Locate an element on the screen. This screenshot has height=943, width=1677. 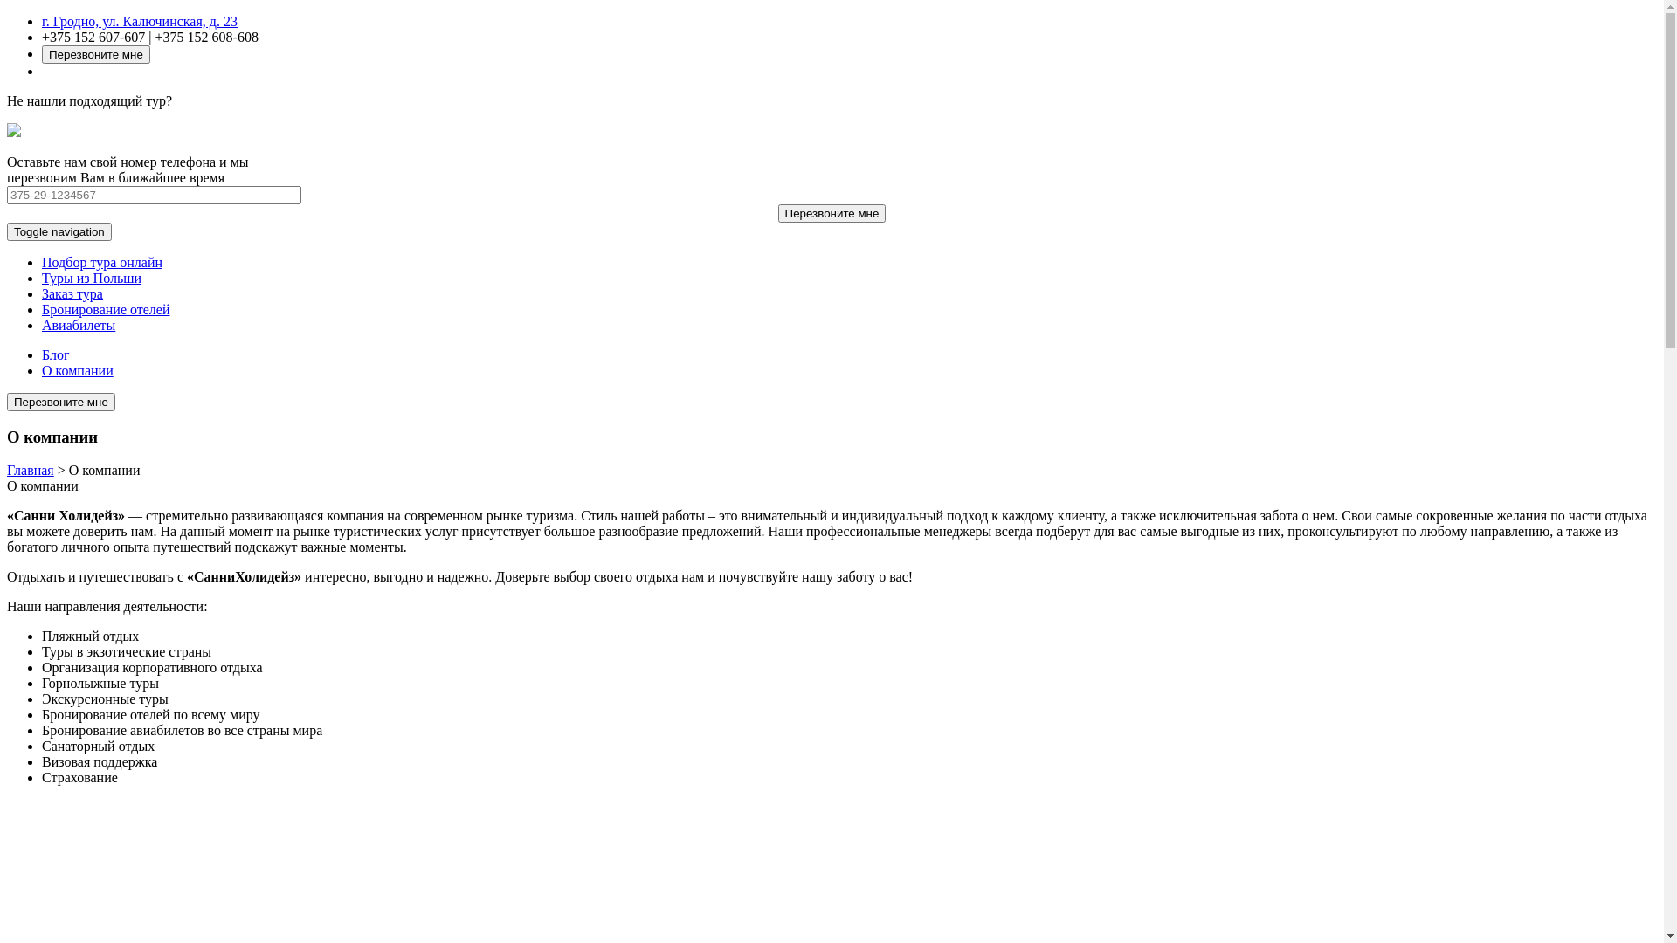
'Toggle navigation' is located at coordinates (59, 231).